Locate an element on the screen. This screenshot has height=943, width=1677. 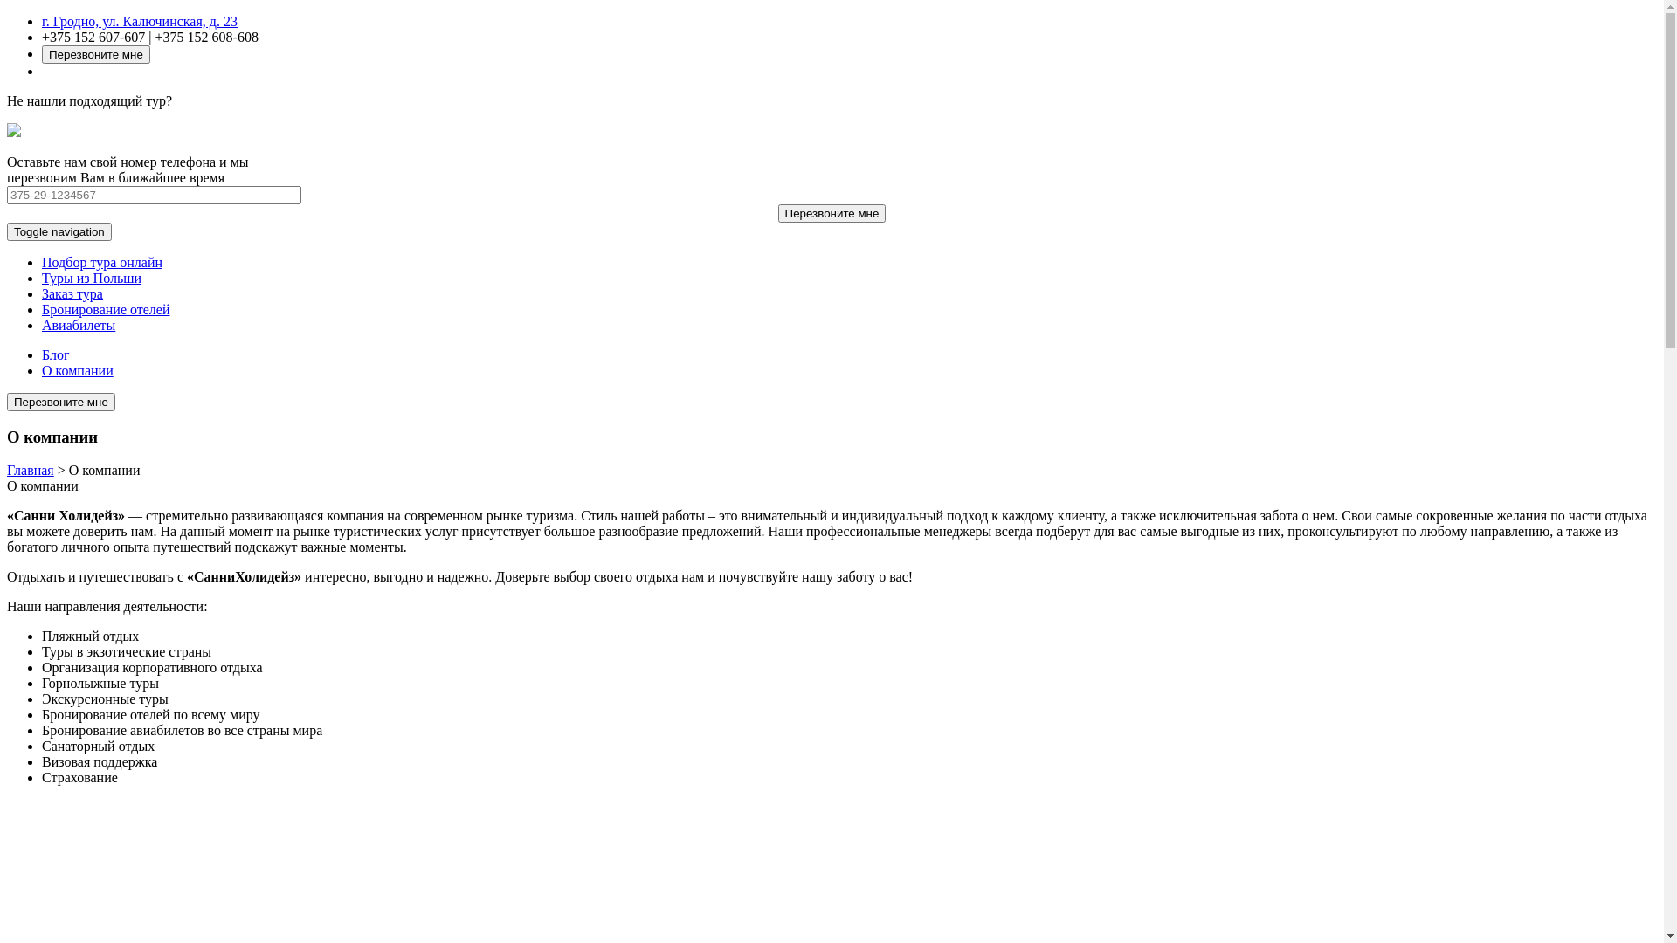
'Toggle navigation' is located at coordinates (59, 231).